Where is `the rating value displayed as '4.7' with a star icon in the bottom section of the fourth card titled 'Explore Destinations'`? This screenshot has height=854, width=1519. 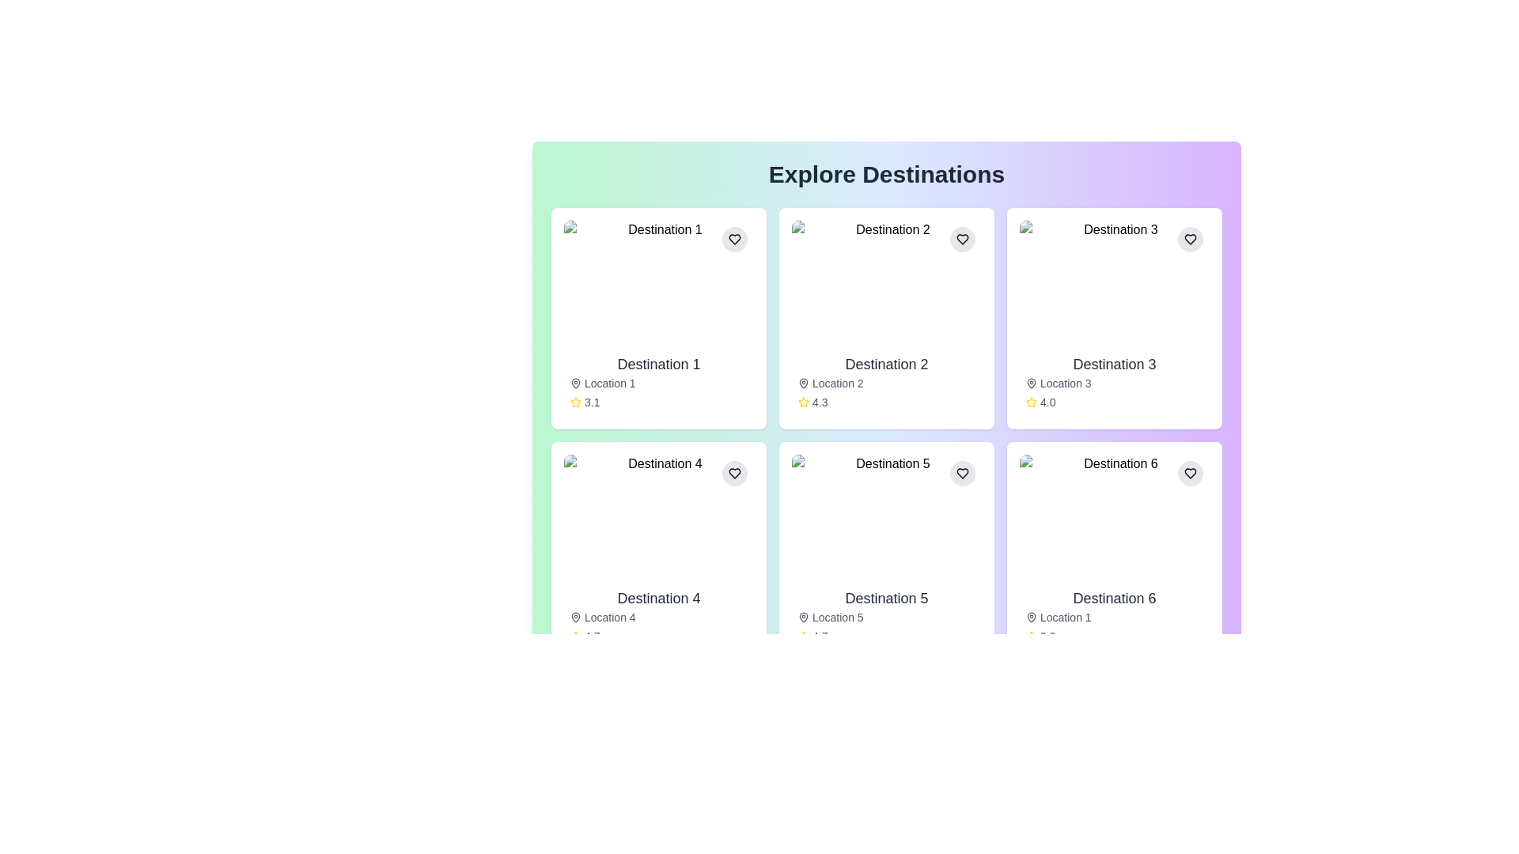 the rating value displayed as '4.7' with a star icon in the bottom section of the fourth card titled 'Explore Destinations' is located at coordinates (659, 636).